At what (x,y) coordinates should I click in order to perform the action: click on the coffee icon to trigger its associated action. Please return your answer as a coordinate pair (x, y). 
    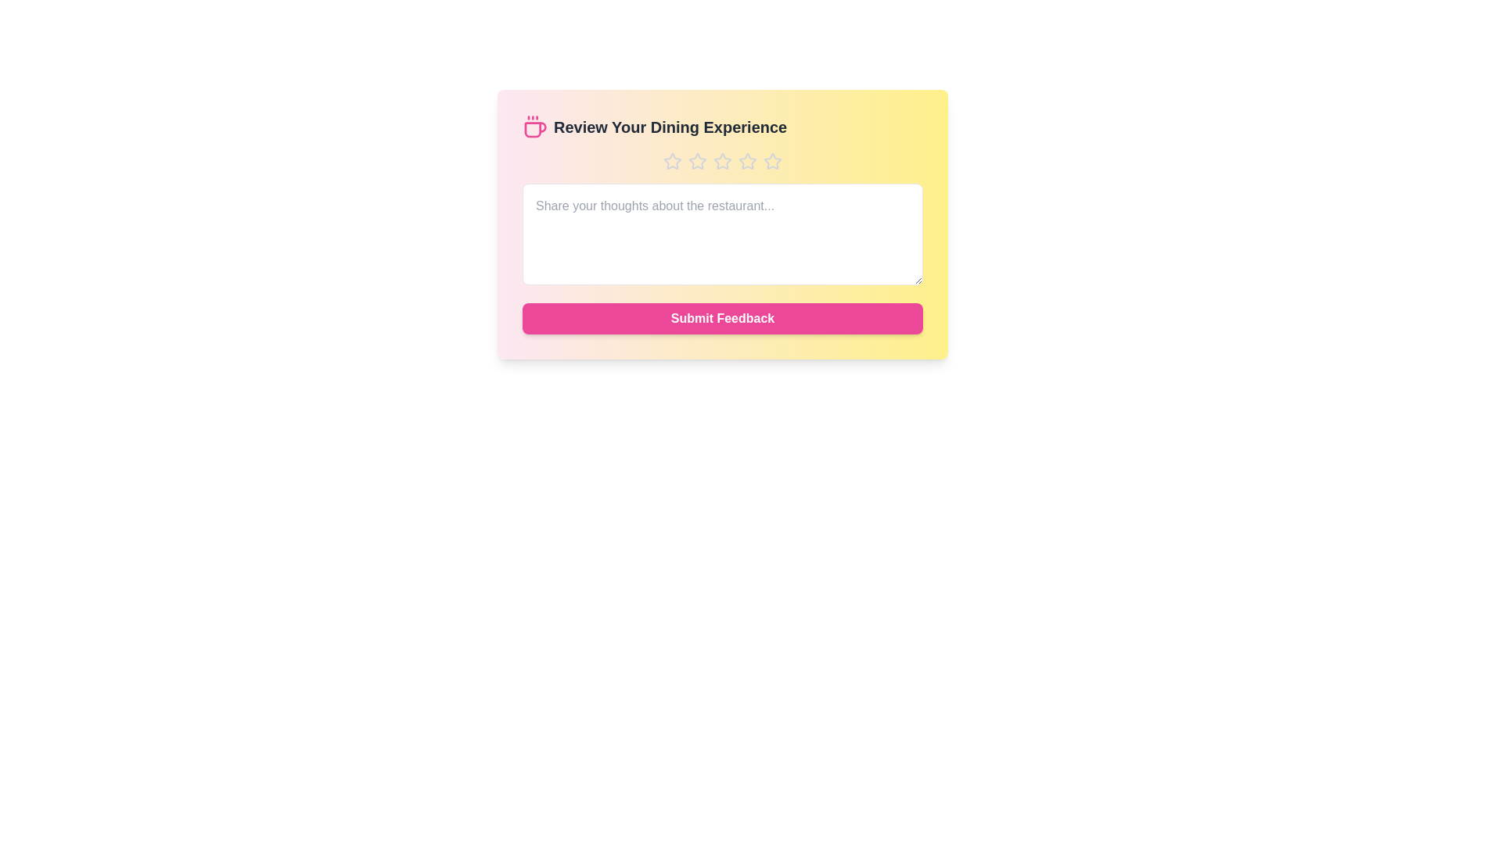
    Looking at the image, I should click on (535, 126).